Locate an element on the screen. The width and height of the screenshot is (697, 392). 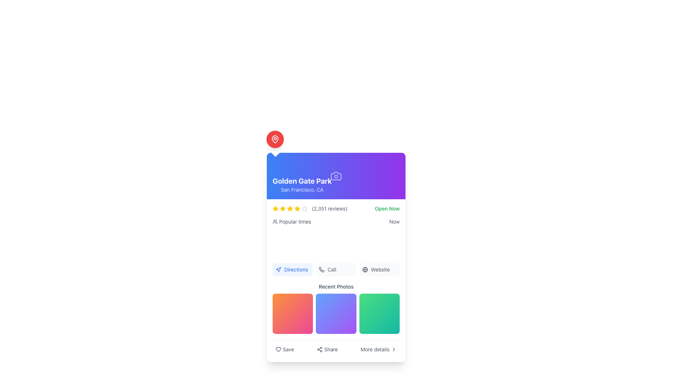
the third button in the three-column layout located at the bottom of the 'Golden Gate Park' card to potentially expand its view or reveal additional content is located at coordinates (379, 313).